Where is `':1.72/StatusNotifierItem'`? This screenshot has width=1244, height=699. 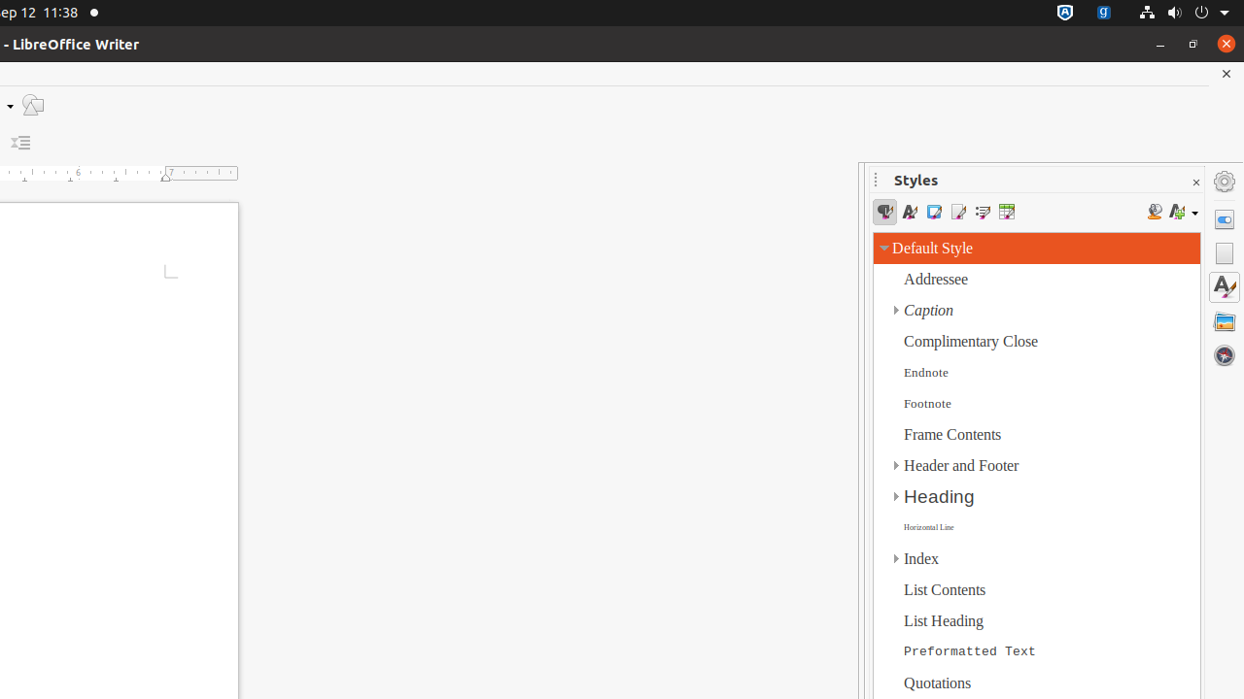 ':1.72/StatusNotifierItem' is located at coordinates (1063, 13).